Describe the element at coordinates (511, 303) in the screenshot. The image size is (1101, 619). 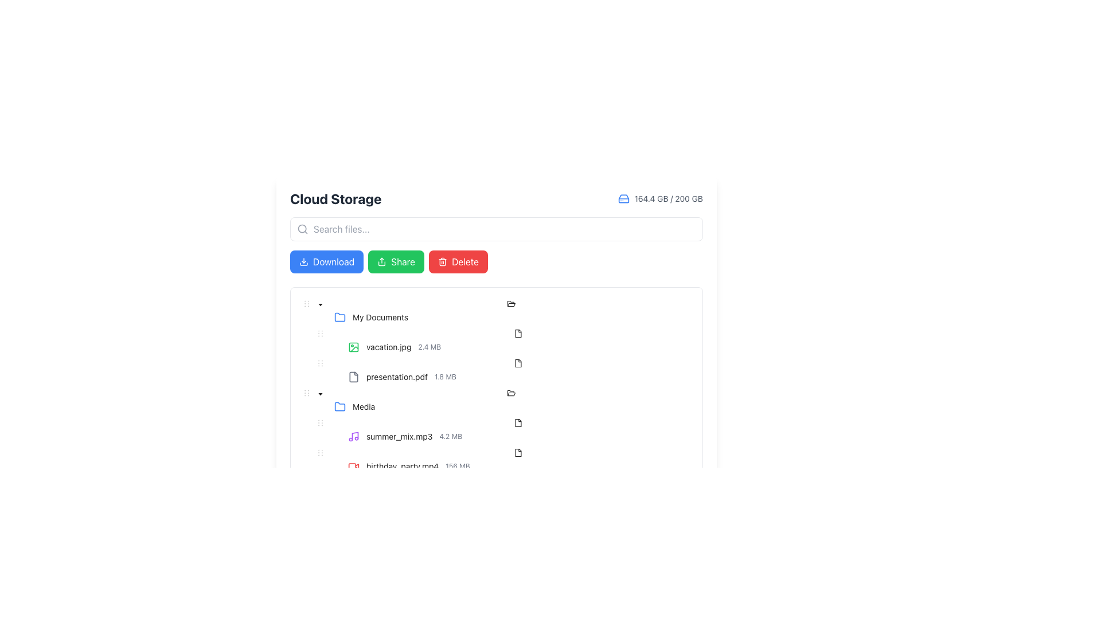
I see `the blue folder icon located to the left of the 'My Documents' text label` at that location.